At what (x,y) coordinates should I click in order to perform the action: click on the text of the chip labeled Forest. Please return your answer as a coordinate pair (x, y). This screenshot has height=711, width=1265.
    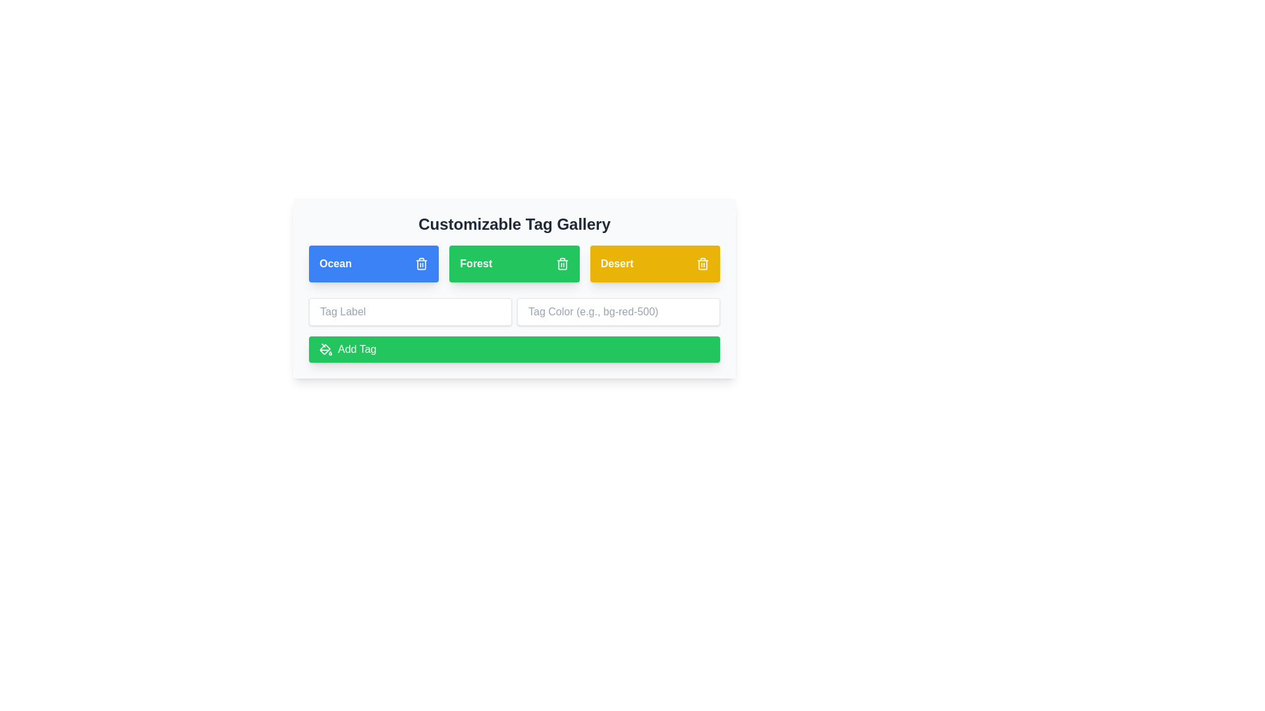
    Looking at the image, I should click on (474, 264).